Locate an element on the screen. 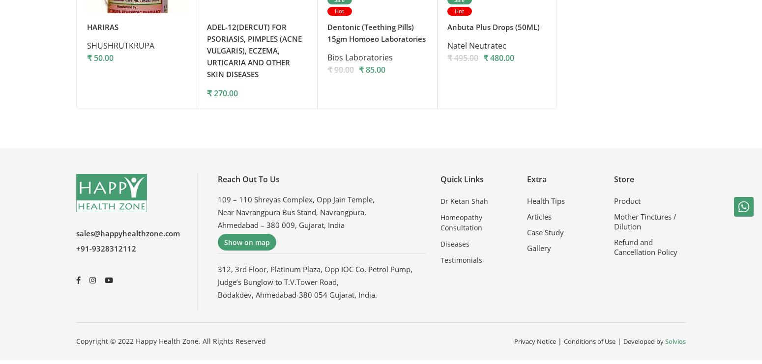 Image resolution: width=762 pixels, height=364 pixels. '50.00' is located at coordinates (102, 60).